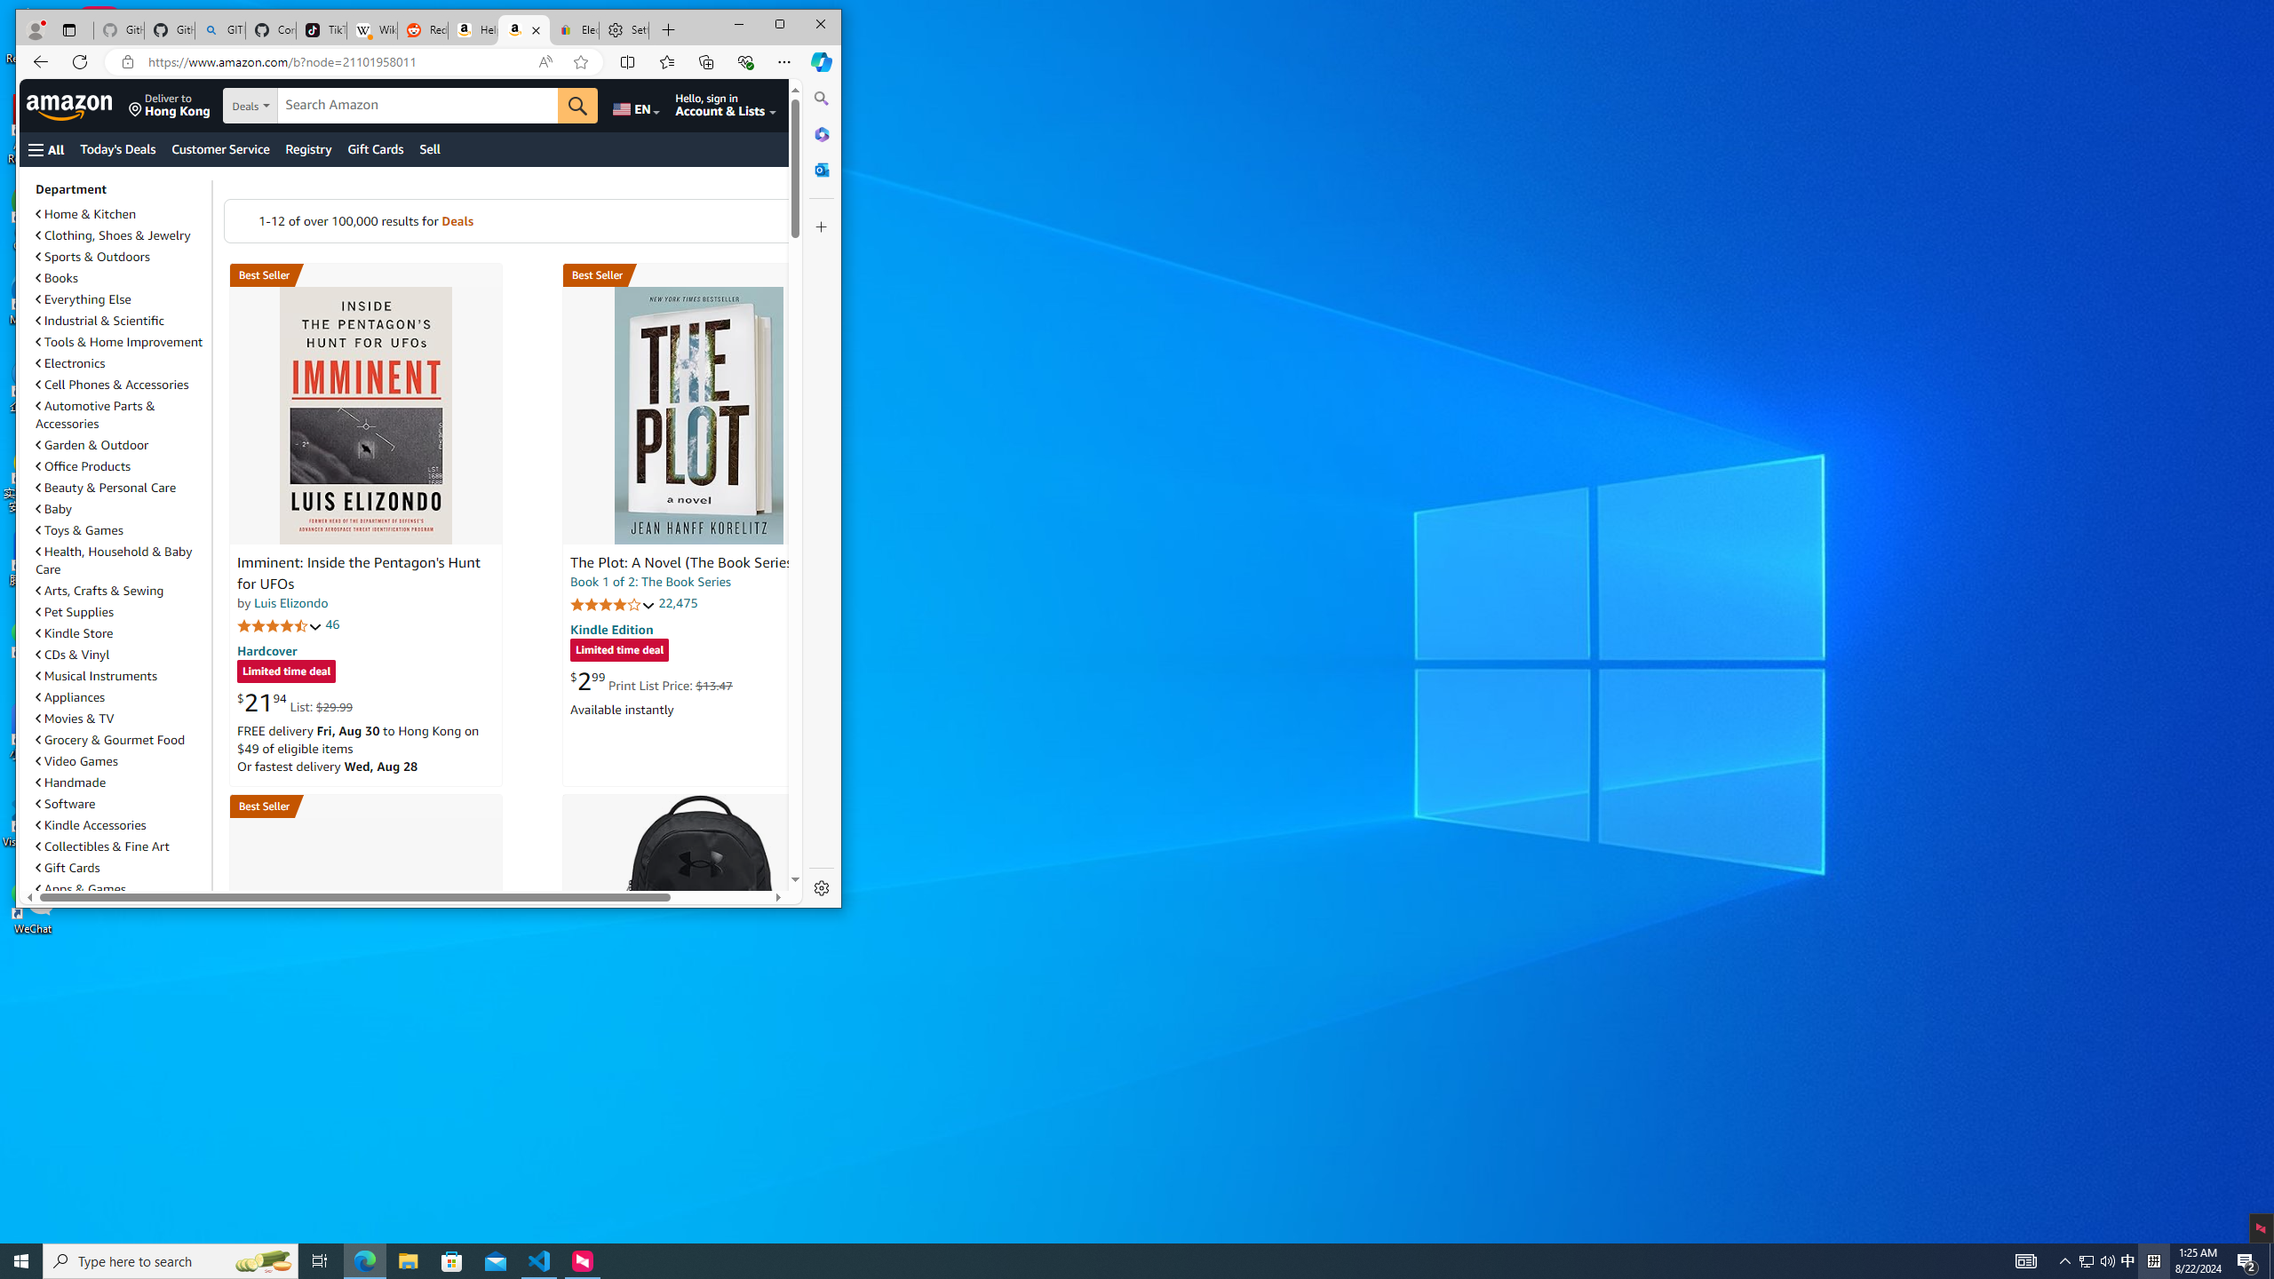  What do you see at coordinates (452, 1259) in the screenshot?
I see `'Microsoft Store'` at bounding box center [452, 1259].